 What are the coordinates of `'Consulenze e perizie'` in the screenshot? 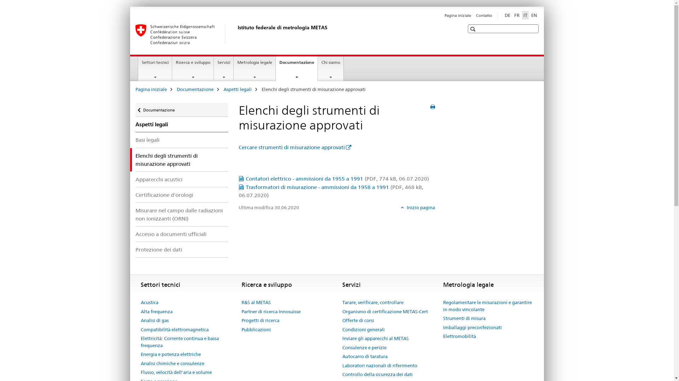 It's located at (364, 347).